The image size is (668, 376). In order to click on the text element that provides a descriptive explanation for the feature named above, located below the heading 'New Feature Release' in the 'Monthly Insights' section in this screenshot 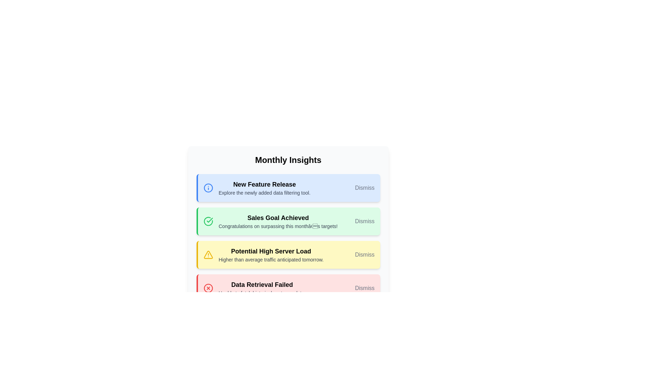, I will do `click(264, 193)`.